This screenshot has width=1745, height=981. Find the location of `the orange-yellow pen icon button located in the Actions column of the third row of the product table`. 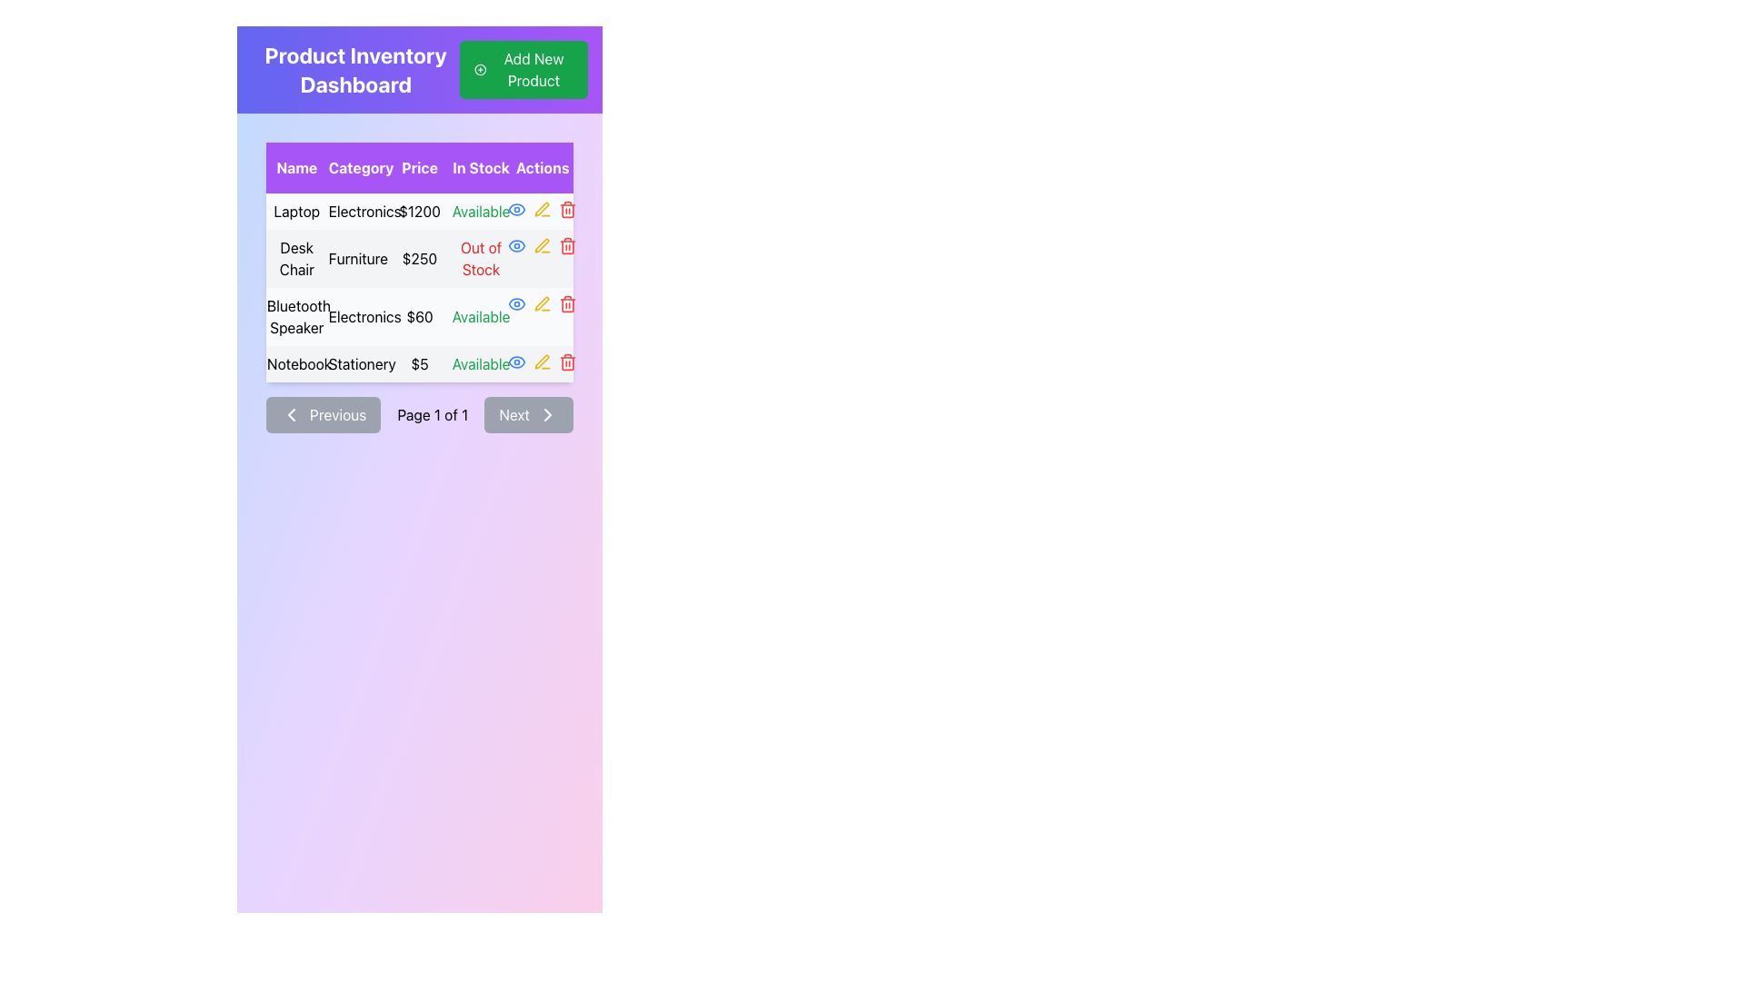

the orange-yellow pen icon button located in the Actions column of the third row of the product table is located at coordinates (541, 302).